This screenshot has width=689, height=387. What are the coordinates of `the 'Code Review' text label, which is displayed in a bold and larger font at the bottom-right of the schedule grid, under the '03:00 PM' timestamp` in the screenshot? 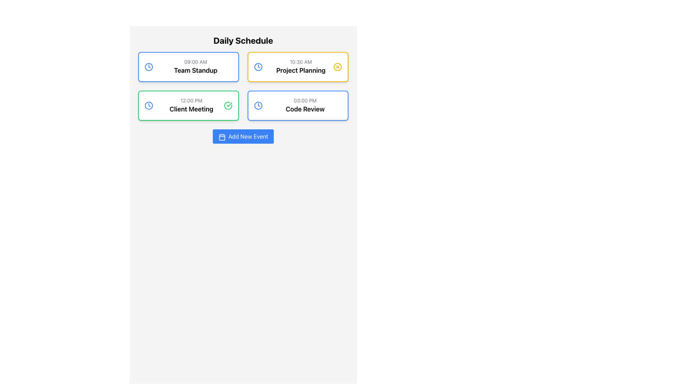 It's located at (305, 109).